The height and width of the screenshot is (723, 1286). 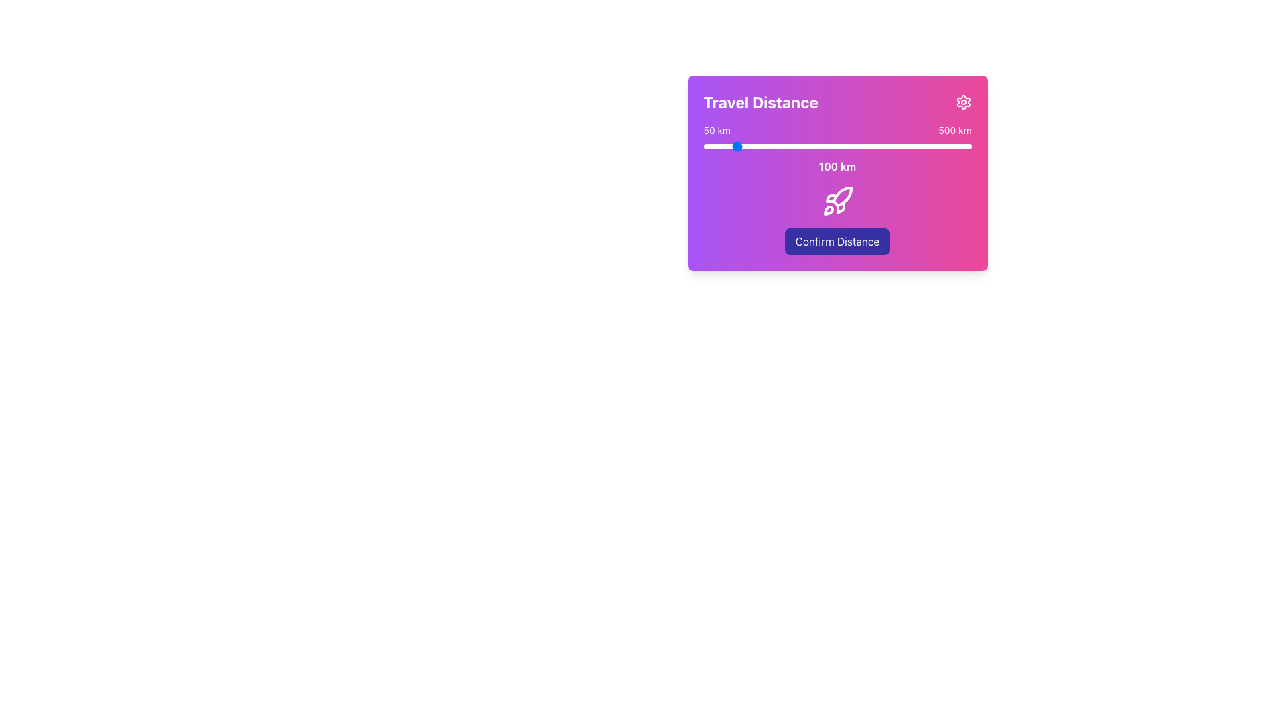 I want to click on the Text Label displaying '100 km', which is centrally aligned beneath the range input slider in a gradient-colored box, so click(x=837, y=166).